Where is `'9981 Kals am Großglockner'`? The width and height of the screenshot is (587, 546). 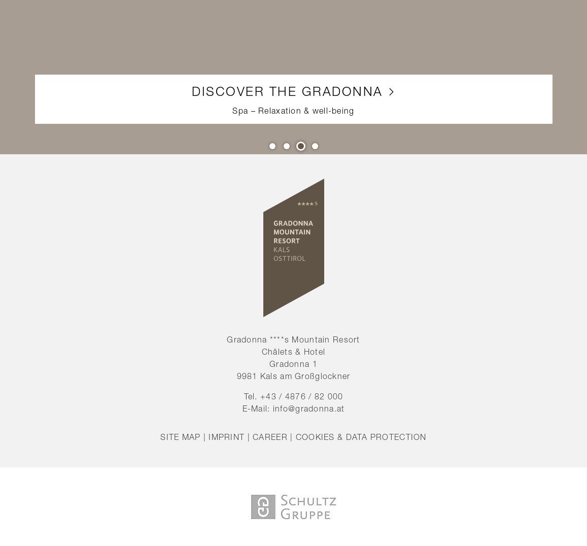 '9981 Kals am Großglockner' is located at coordinates (293, 376).